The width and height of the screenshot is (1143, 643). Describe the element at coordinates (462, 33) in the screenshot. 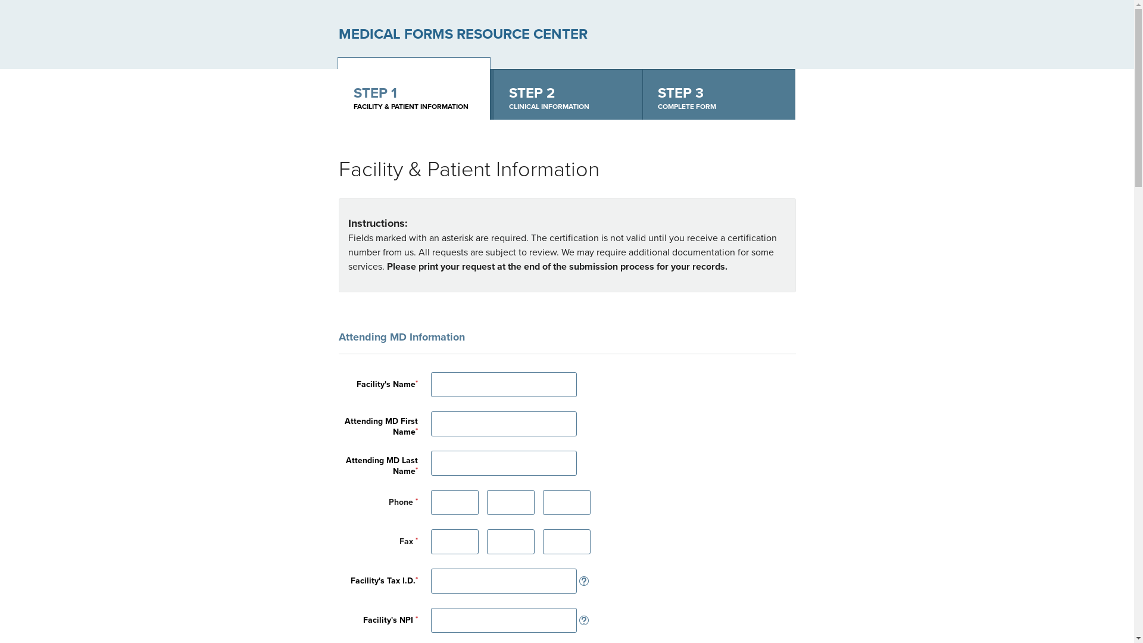

I see `'MEDICAL FORMS RESOURCE CENTER'` at that location.